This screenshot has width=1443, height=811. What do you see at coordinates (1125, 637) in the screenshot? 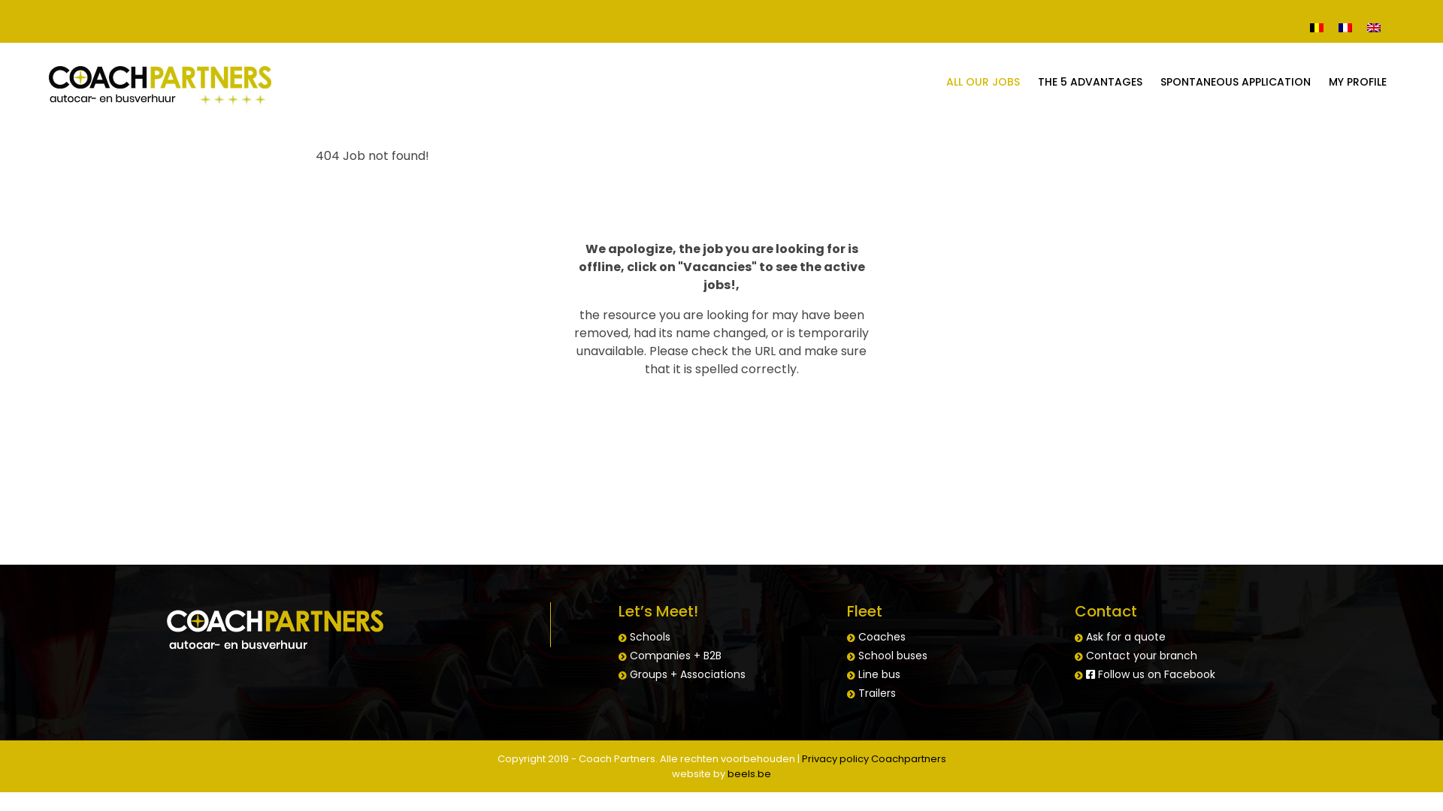
I see `'Ask for a quote'` at bounding box center [1125, 637].